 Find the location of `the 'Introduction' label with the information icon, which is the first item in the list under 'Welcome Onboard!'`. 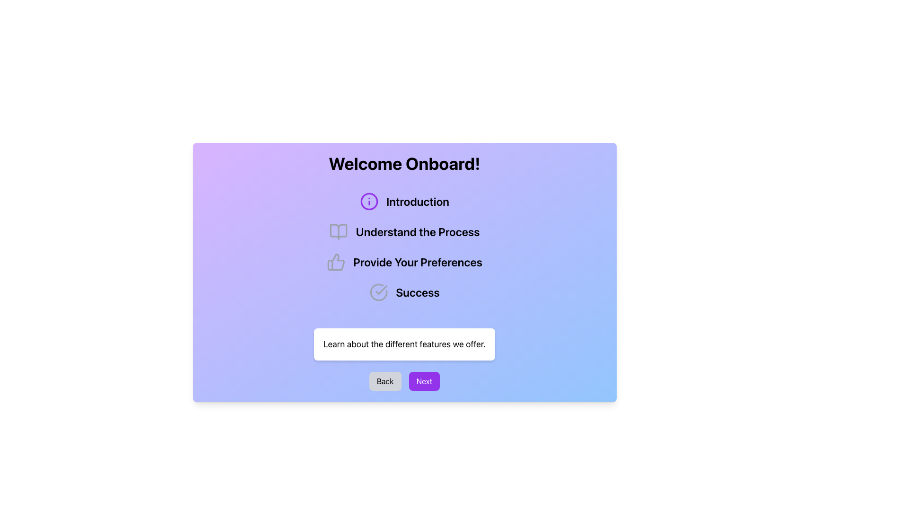

the 'Introduction' label with the information icon, which is the first item in the list under 'Welcome Onboard!' is located at coordinates (404, 201).